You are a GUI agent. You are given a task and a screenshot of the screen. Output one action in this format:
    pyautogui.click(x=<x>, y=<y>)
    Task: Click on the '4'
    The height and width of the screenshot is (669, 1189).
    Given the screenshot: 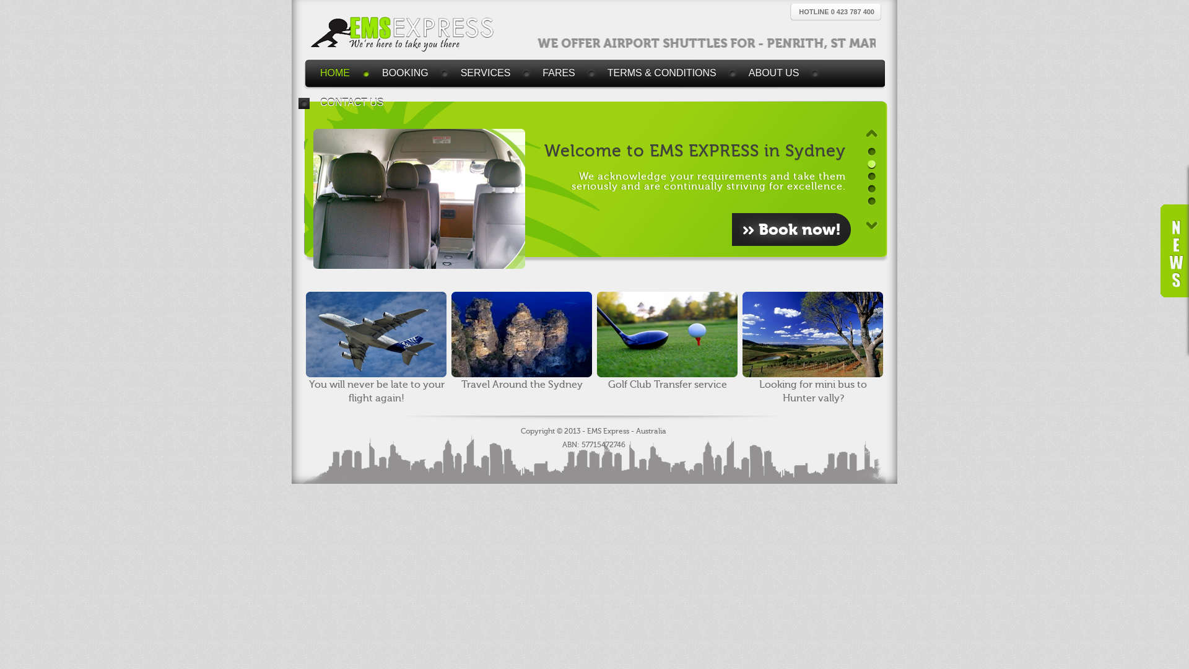 What is the action you would take?
    pyautogui.click(x=871, y=189)
    